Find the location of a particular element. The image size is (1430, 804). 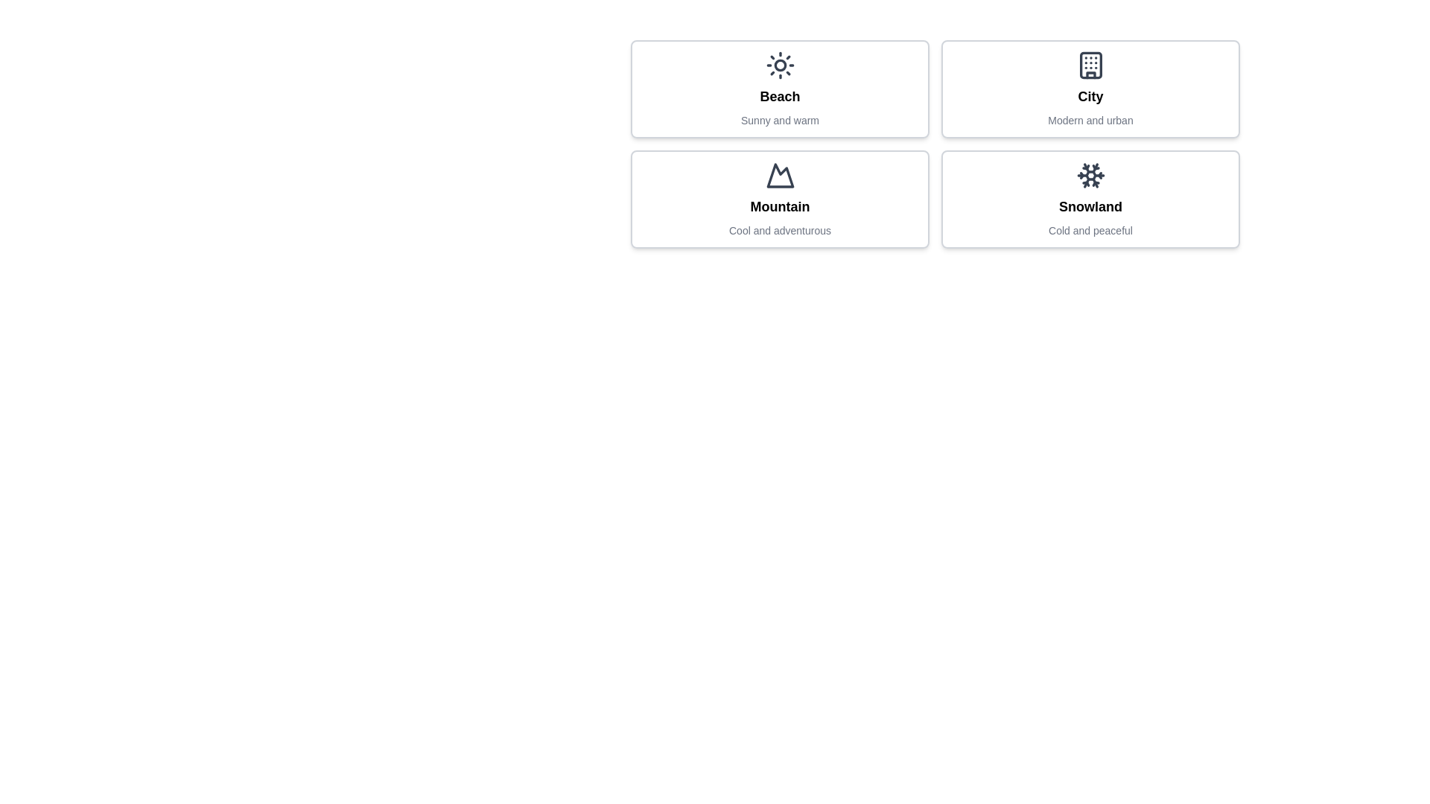

the text label containing 'Modern and urban', which is styled in a small-sized gray font and located below the title 'City' in the top-right rectangular card is located at coordinates (1090, 120).